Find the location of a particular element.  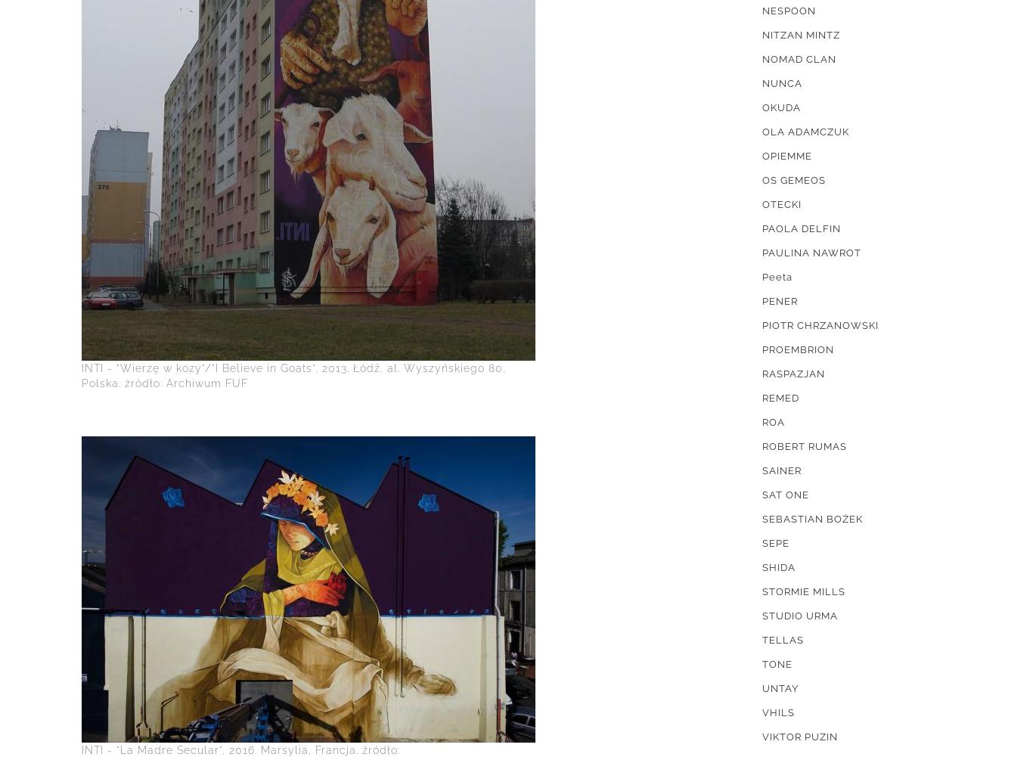

'VHILS' is located at coordinates (777, 712).